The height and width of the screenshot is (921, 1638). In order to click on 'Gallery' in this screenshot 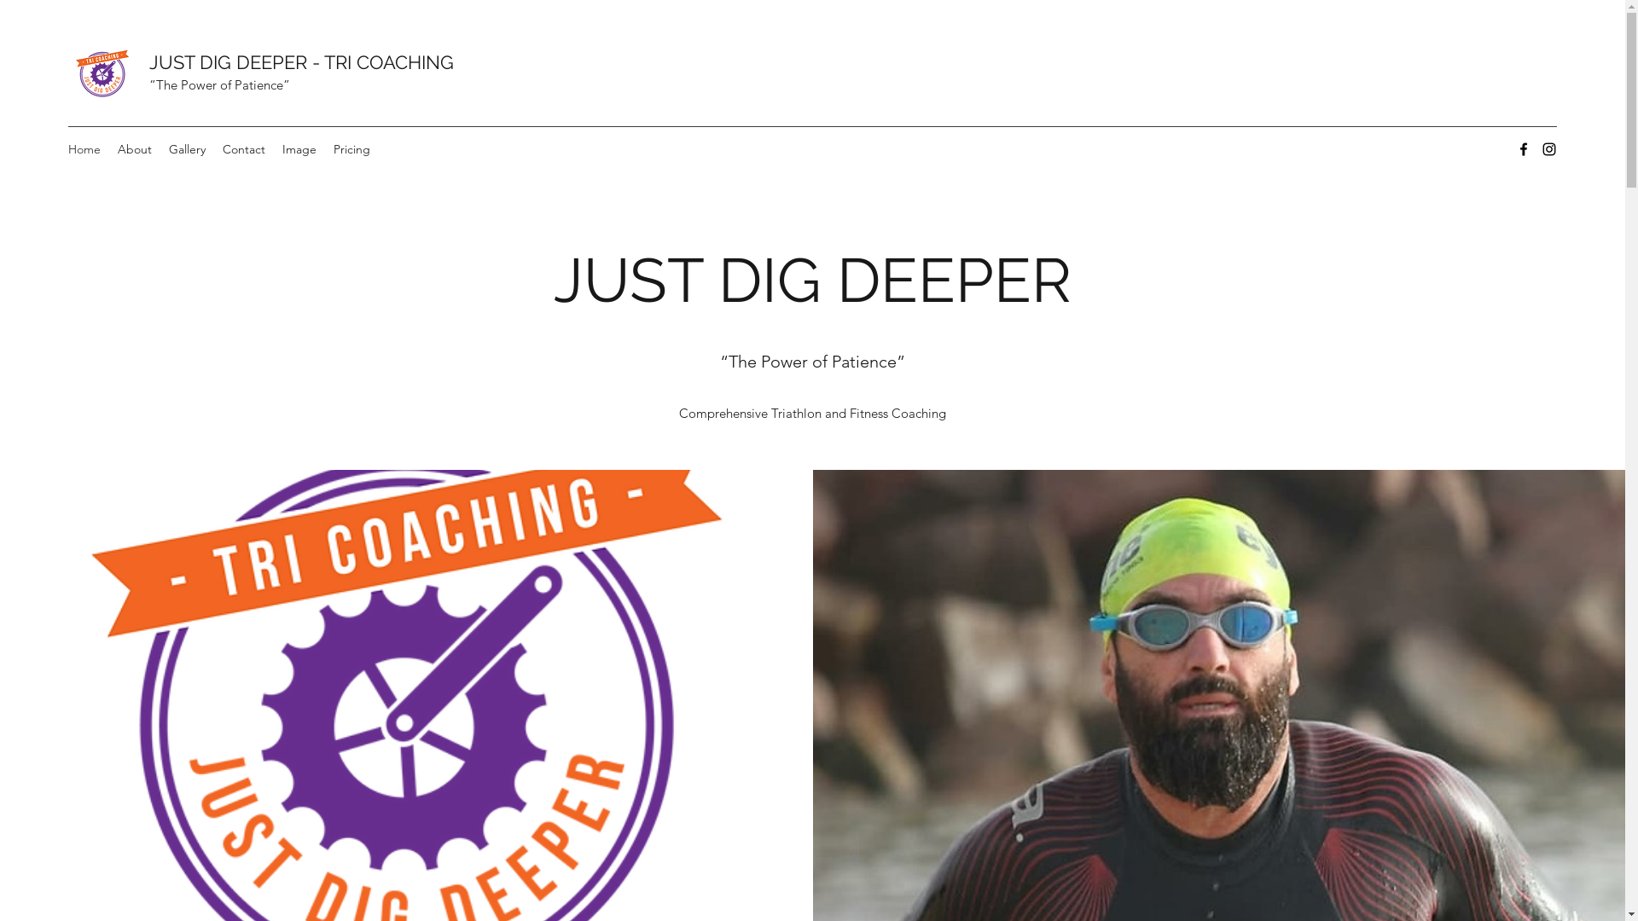, I will do `click(160, 148)`.